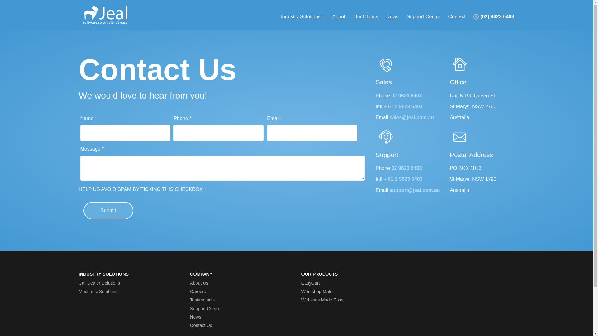  Describe the element at coordinates (302, 16) in the screenshot. I see `'Industry Solutions'` at that location.